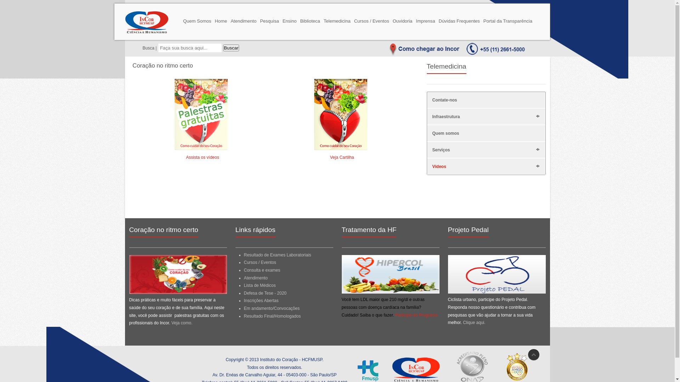 The width and height of the screenshot is (680, 382). What do you see at coordinates (533, 354) in the screenshot?
I see `'Back to Top'` at bounding box center [533, 354].